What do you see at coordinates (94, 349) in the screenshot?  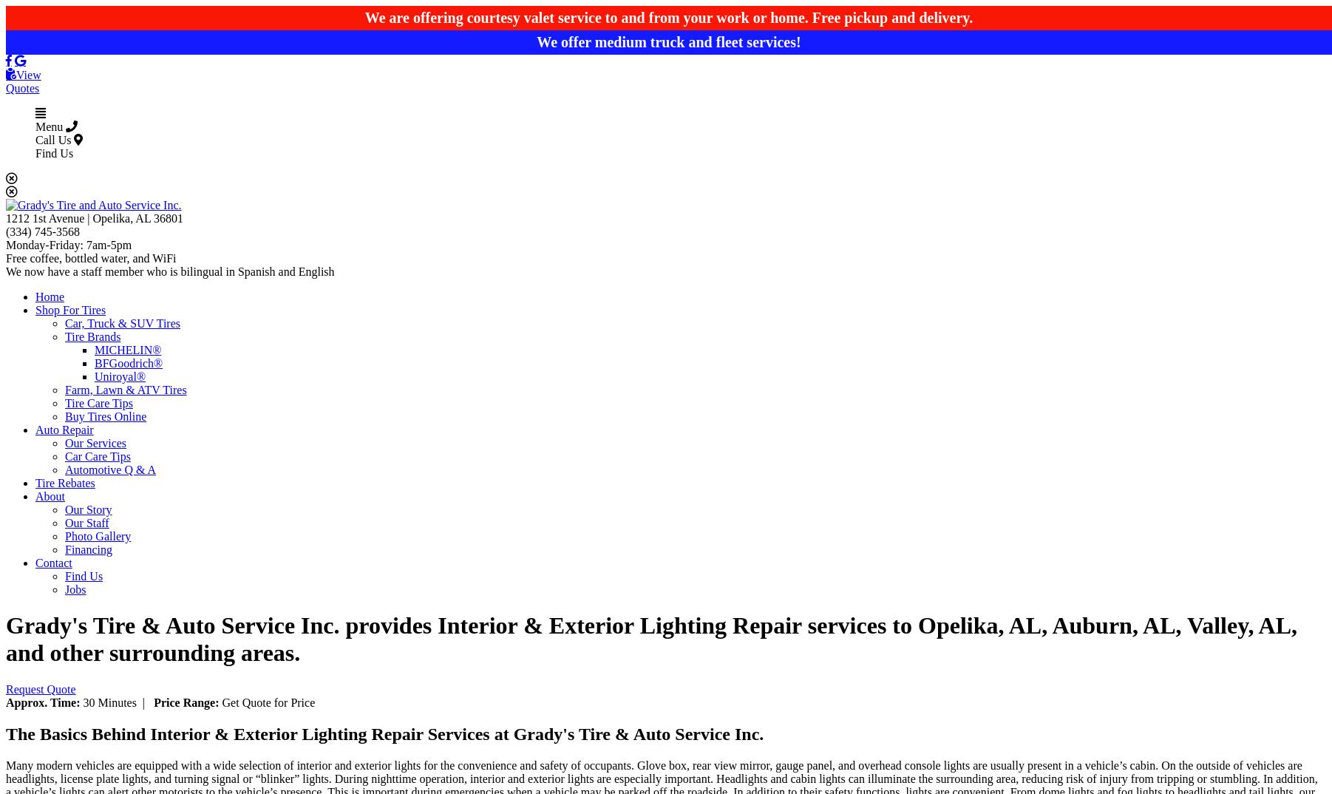 I see `'MICHELIN®'` at bounding box center [94, 349].